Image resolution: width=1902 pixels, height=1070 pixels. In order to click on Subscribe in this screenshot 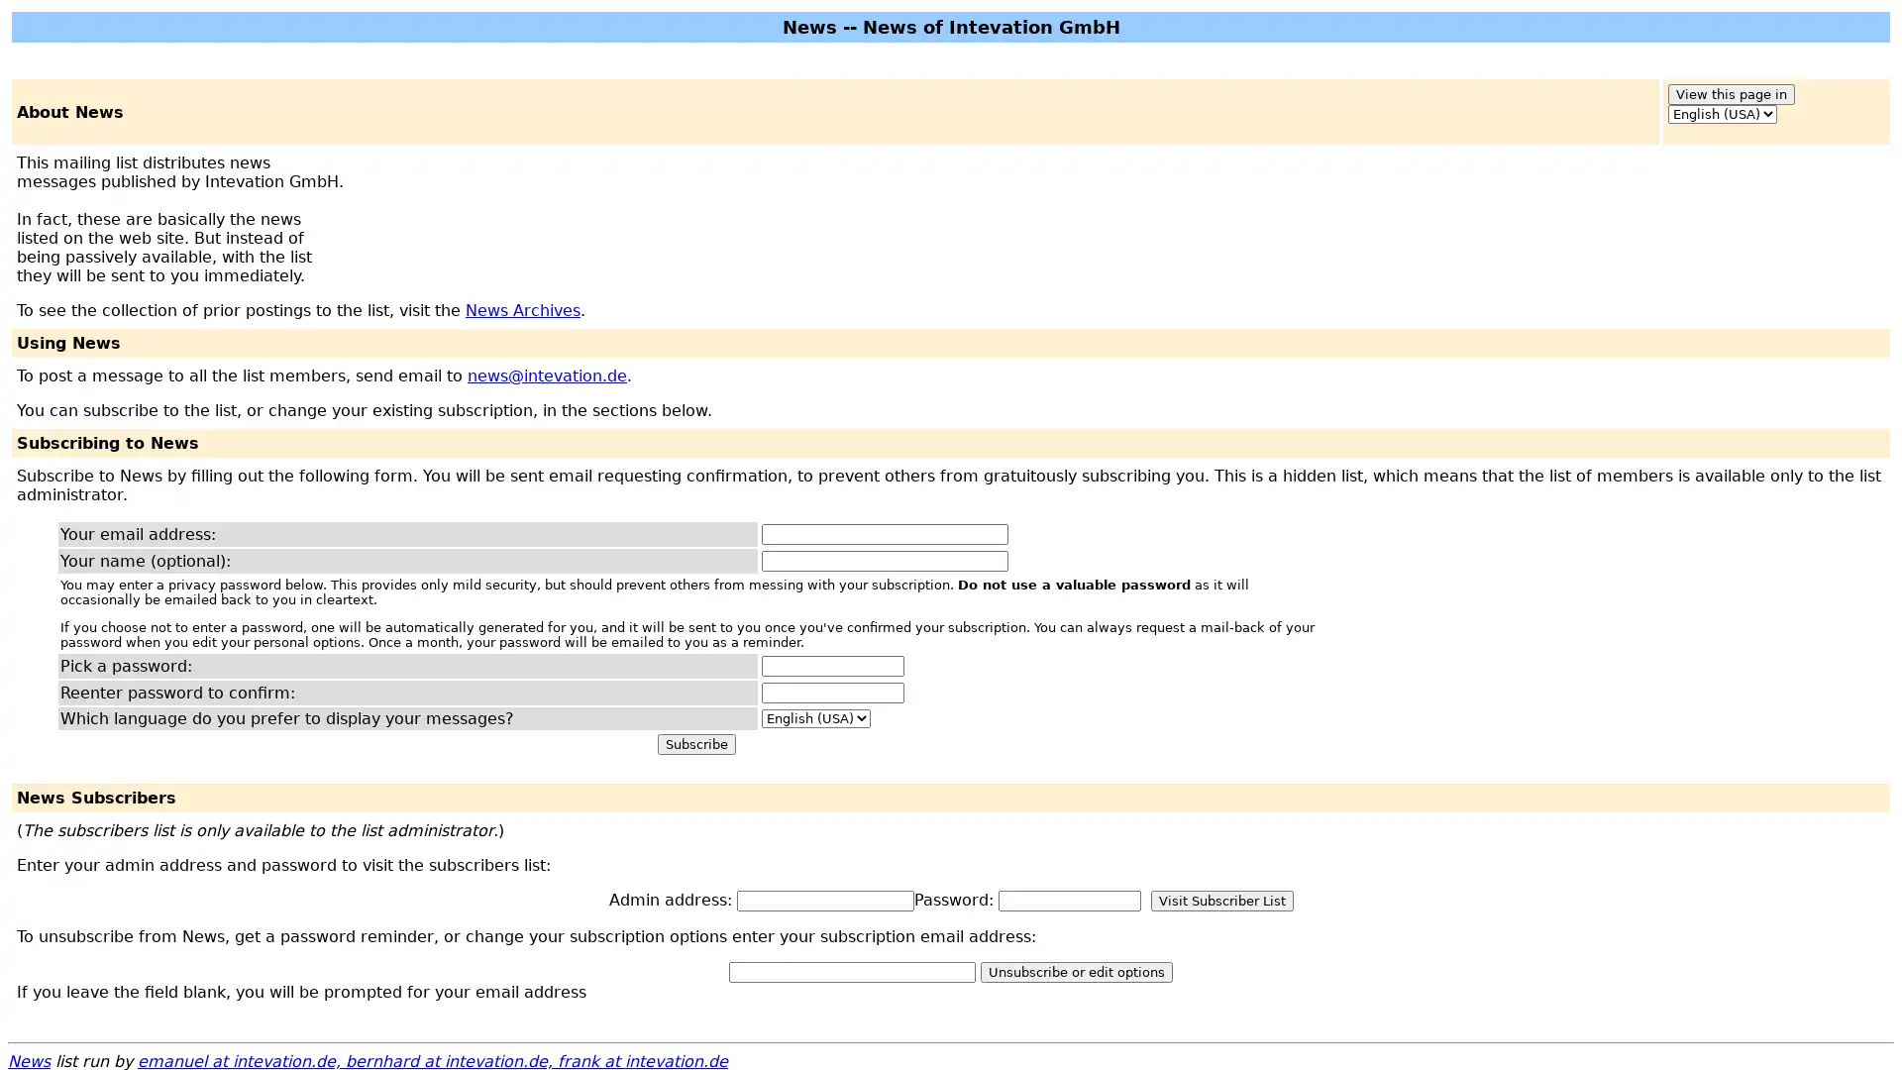, I will do `click(695, 744)`.